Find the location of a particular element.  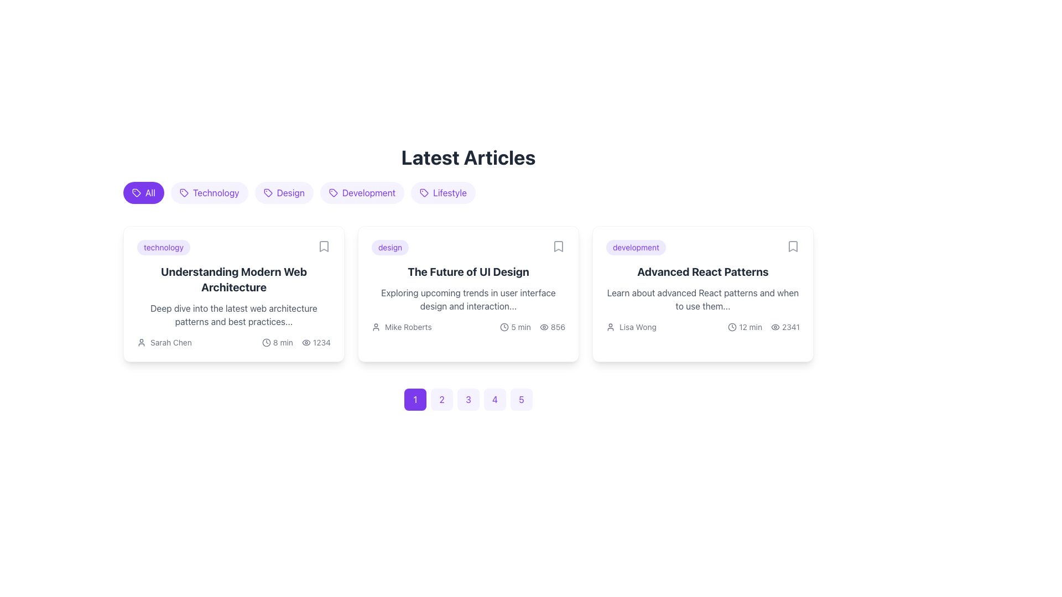

the SVG Circle Element that represents the clock face in the article card's metadata, which is part of a larger clock icon is located at coordinates (266, 342).